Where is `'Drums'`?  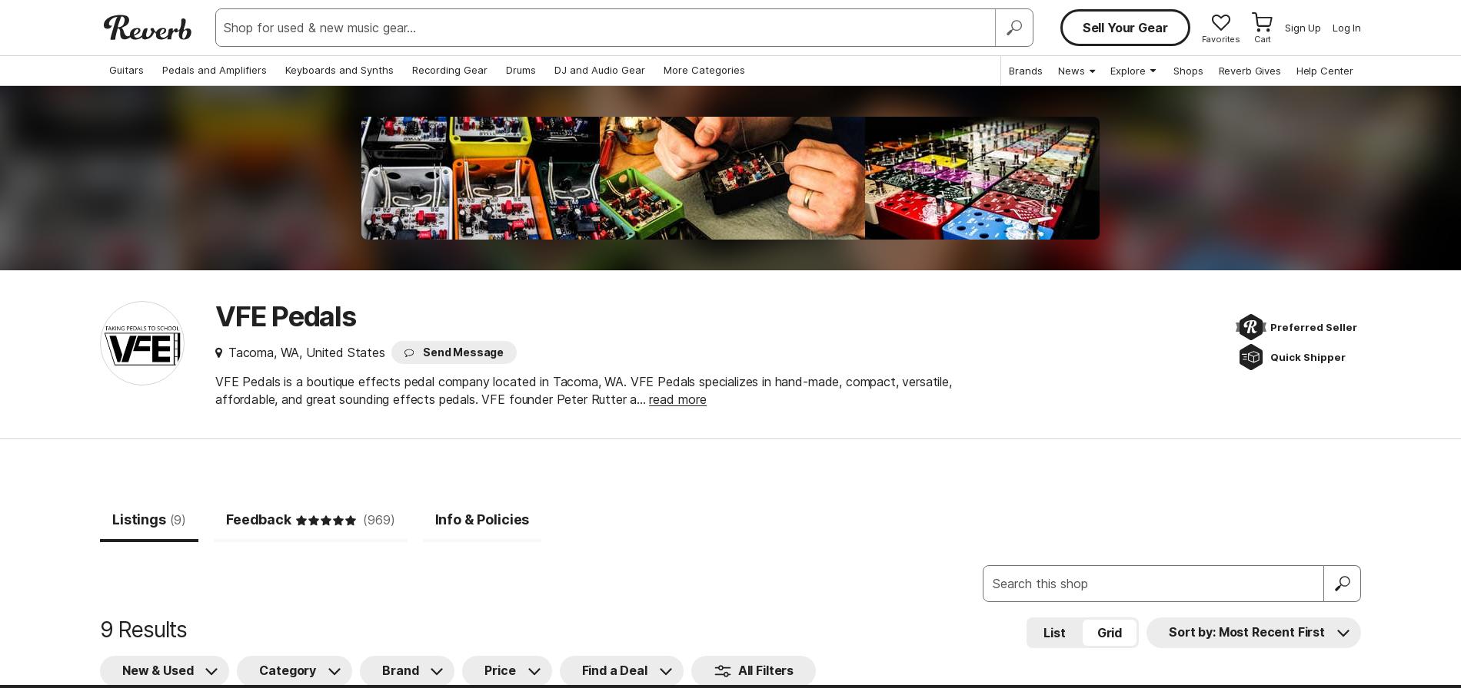
'Drums' is located at coordinates (521, 70).